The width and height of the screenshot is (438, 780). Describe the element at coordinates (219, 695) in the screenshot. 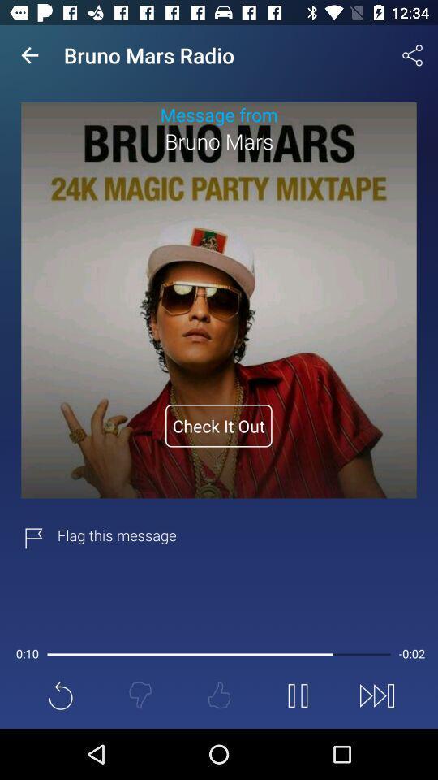

I see `the thumbs_up icon` at that location.